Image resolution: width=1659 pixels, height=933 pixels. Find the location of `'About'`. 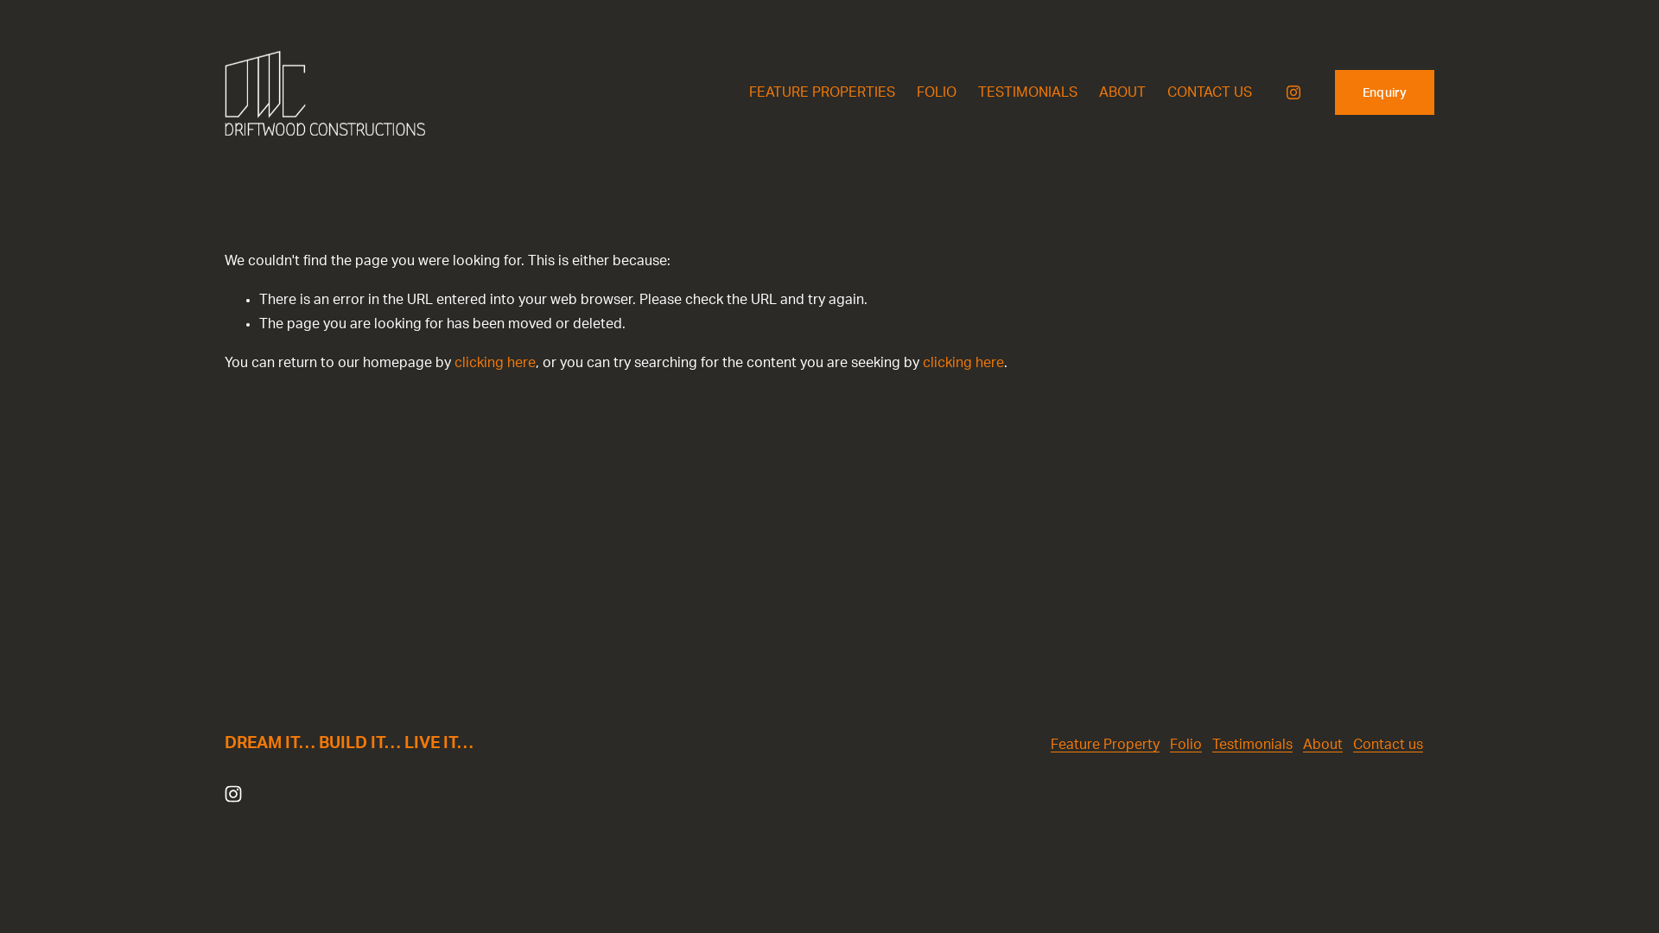

'About' is located at coordinates (1322, 744).